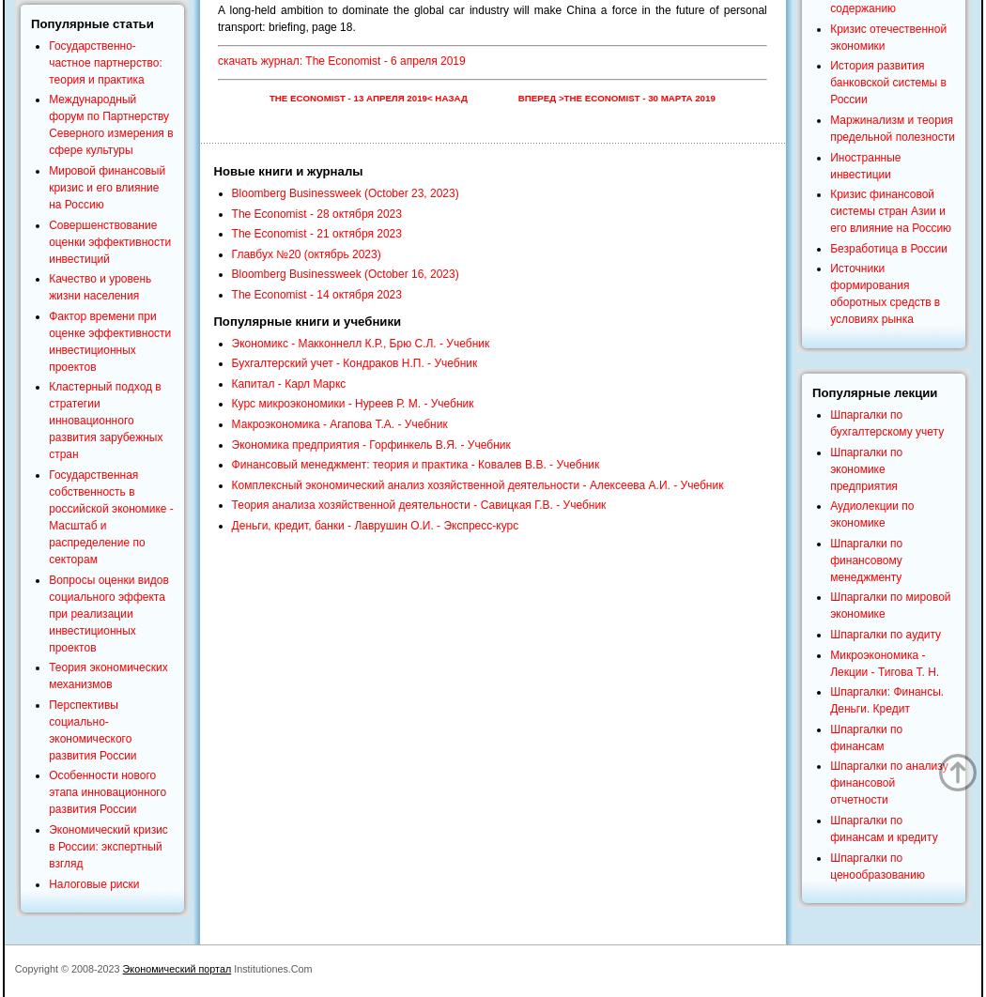 The width and height of the screenshot is (986, 997). Describe the element at coordinates (105, 61) in the screenshot. I see `'Государственно-частное партнерство: теория и практика'` at that location.